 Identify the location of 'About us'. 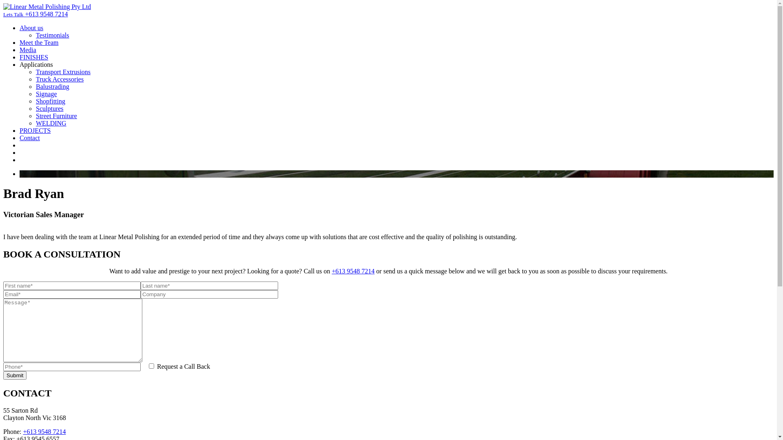
(31, 27).